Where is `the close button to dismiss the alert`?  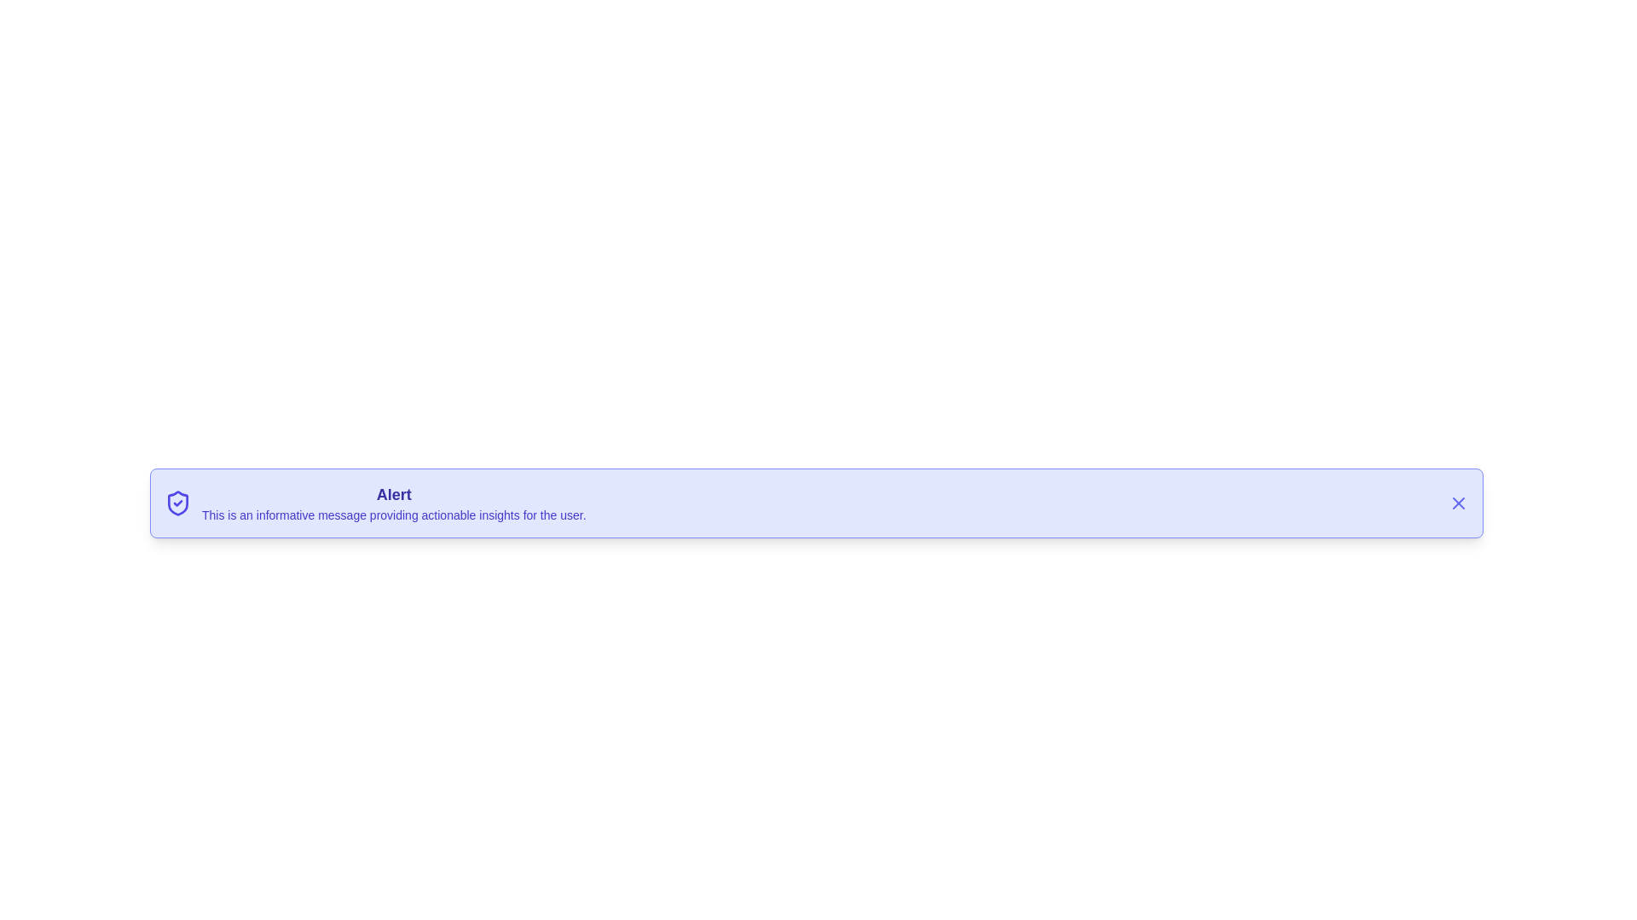
the close button to dismiss the alert is located at coordinates (1457, 502).